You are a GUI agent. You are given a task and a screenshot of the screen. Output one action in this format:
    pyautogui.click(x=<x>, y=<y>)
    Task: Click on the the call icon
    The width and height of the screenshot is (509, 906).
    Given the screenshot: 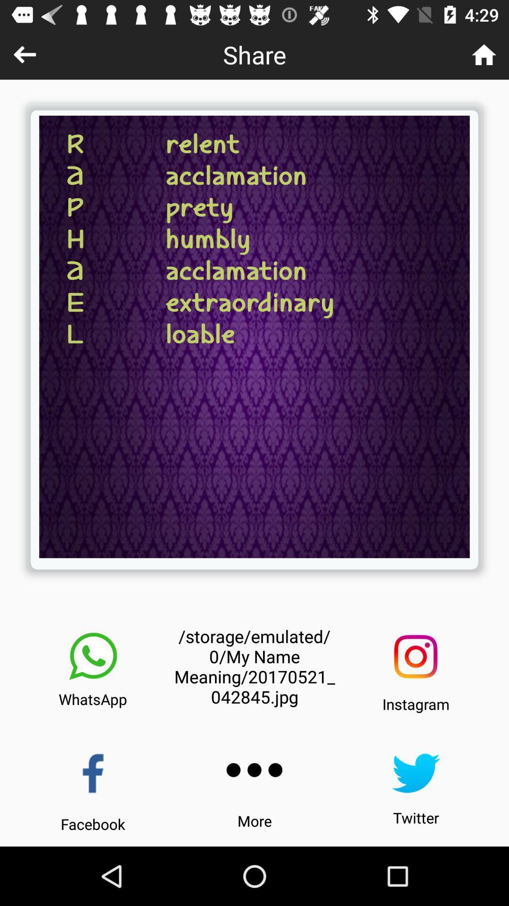 What is the action you would take?
    pyautogui.click(x=93, y=656)
    